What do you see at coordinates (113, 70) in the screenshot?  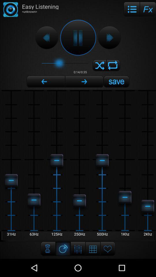 I see `the repeat icon` at bounding box center [113, 70].